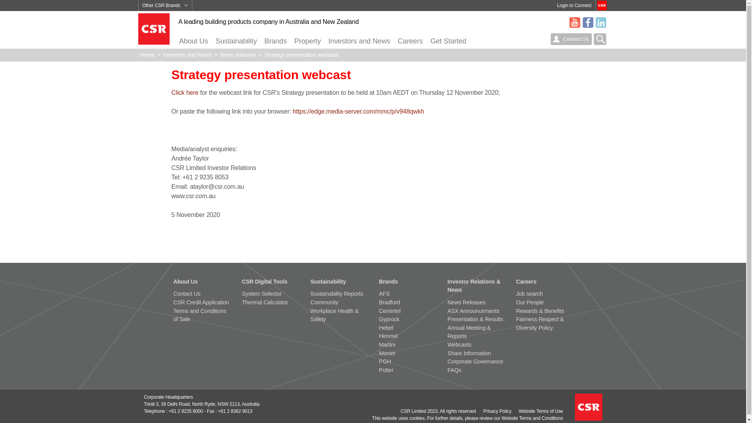 This screenshot has width=752, height=423. I want to click on 'Website Terms of Use', so click(540, 410).